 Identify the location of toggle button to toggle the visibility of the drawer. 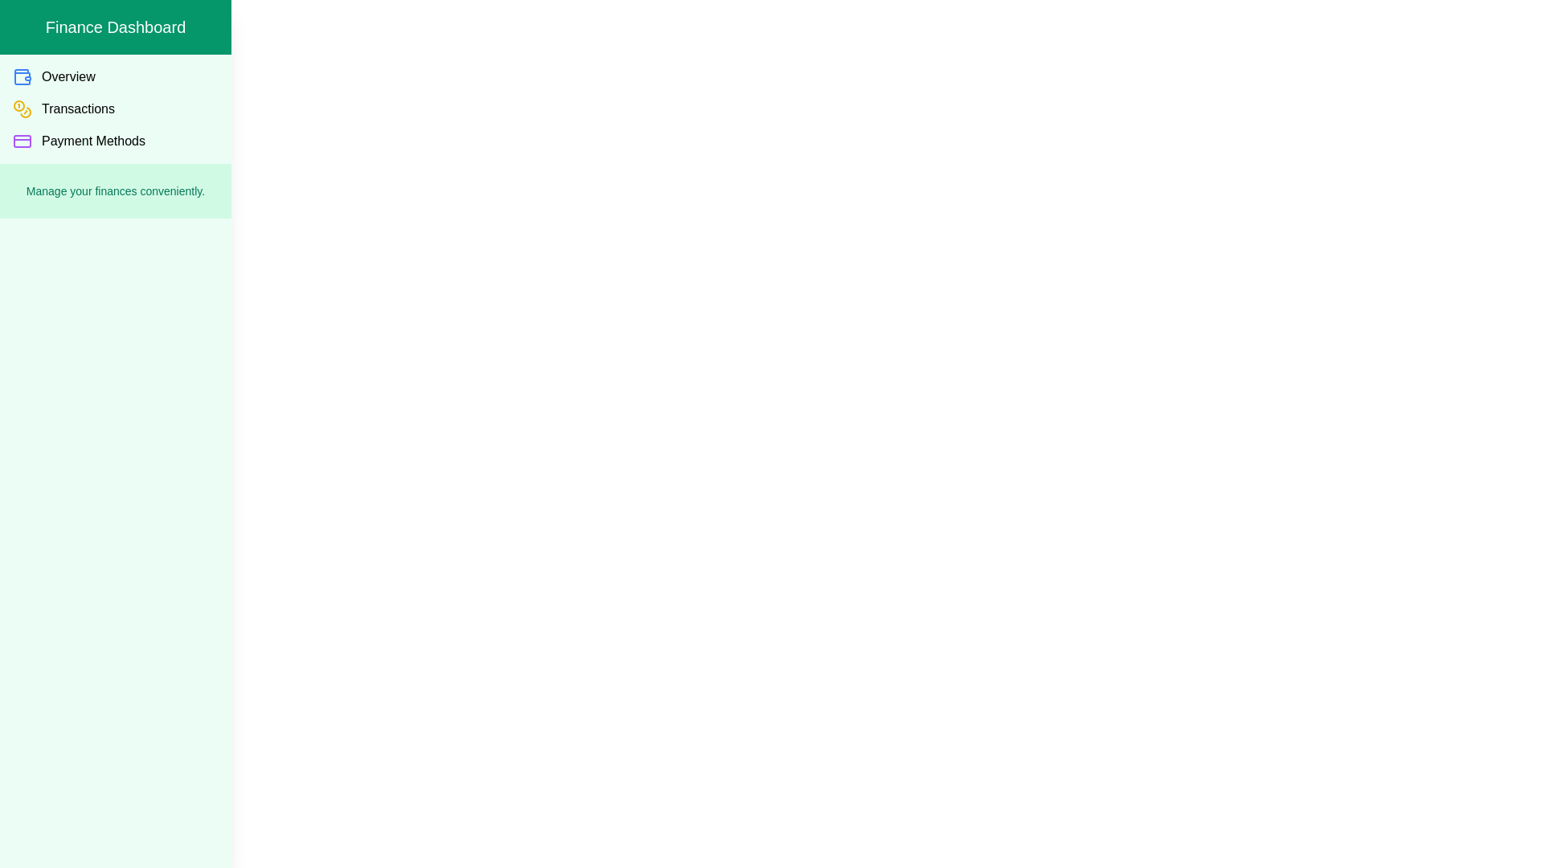
(31, 31).